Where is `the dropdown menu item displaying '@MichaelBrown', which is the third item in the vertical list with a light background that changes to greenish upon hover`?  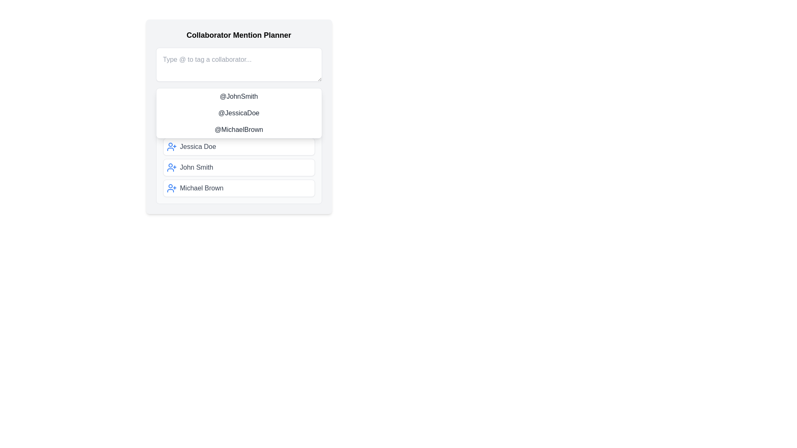
the dropdown menu item displaying '@MichaelBrown', which is the third item in the vertical list with a light background that changes to greenish upon hover is located at coordinates (238, 129).